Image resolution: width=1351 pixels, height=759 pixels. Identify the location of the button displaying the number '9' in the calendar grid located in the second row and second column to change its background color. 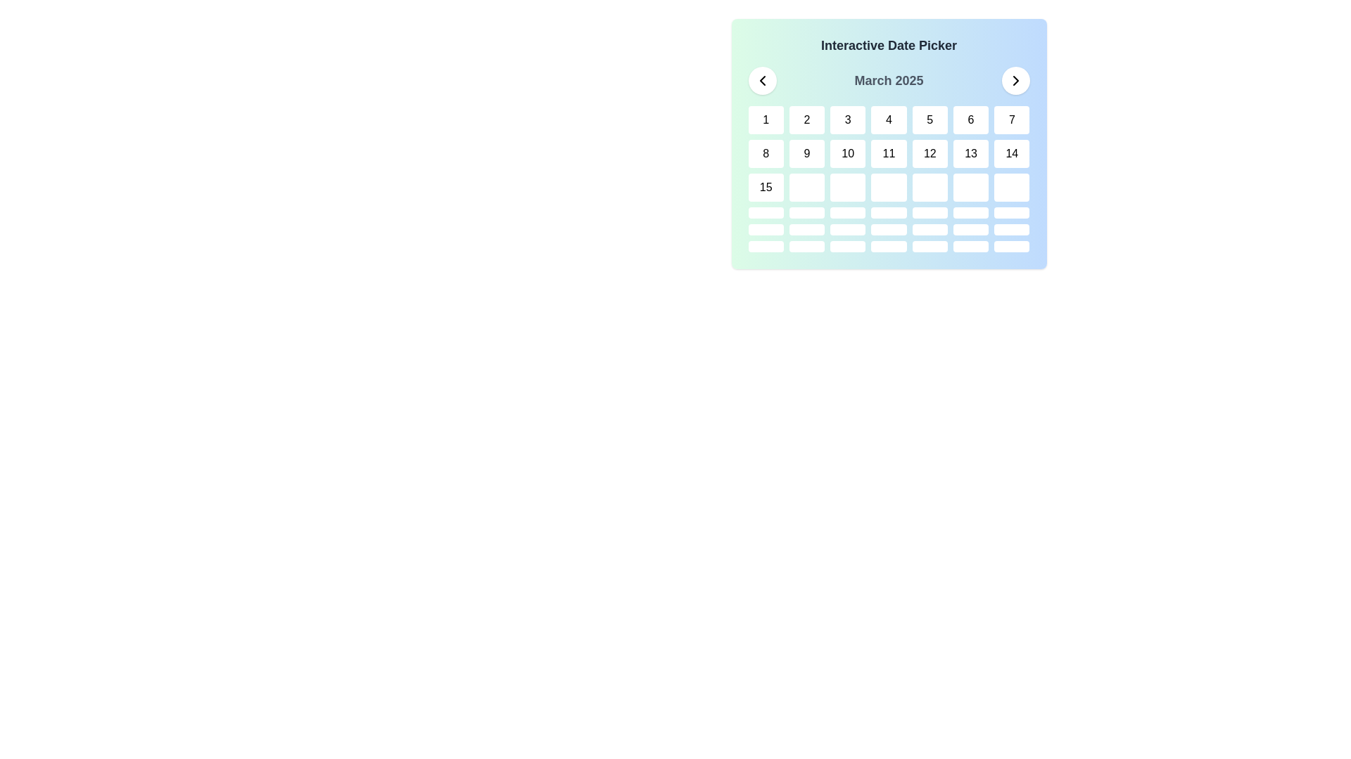
(807, 154).